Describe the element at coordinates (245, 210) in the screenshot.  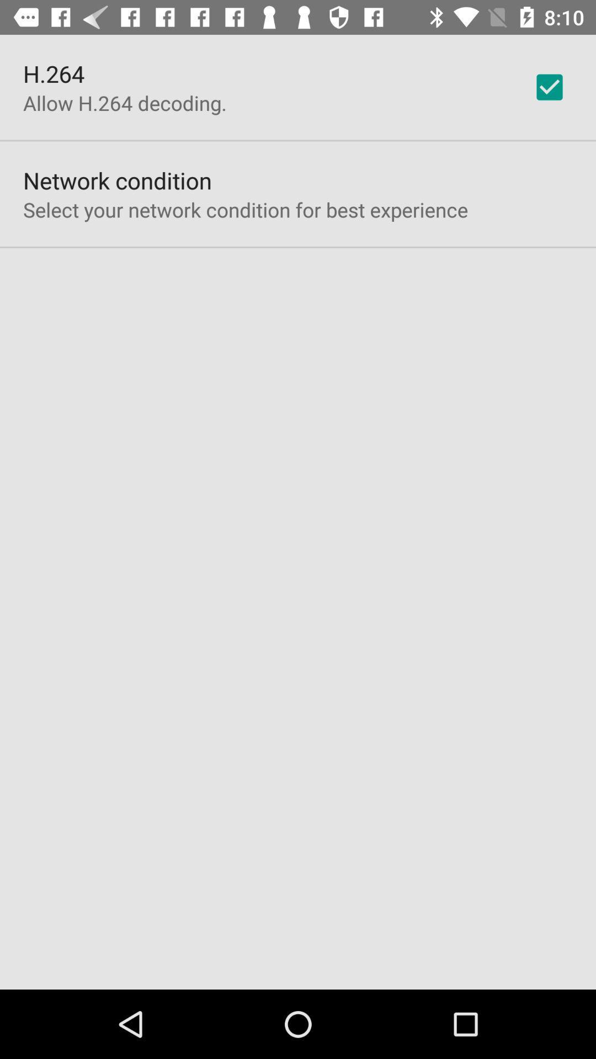
I see `select your network app` at that location.